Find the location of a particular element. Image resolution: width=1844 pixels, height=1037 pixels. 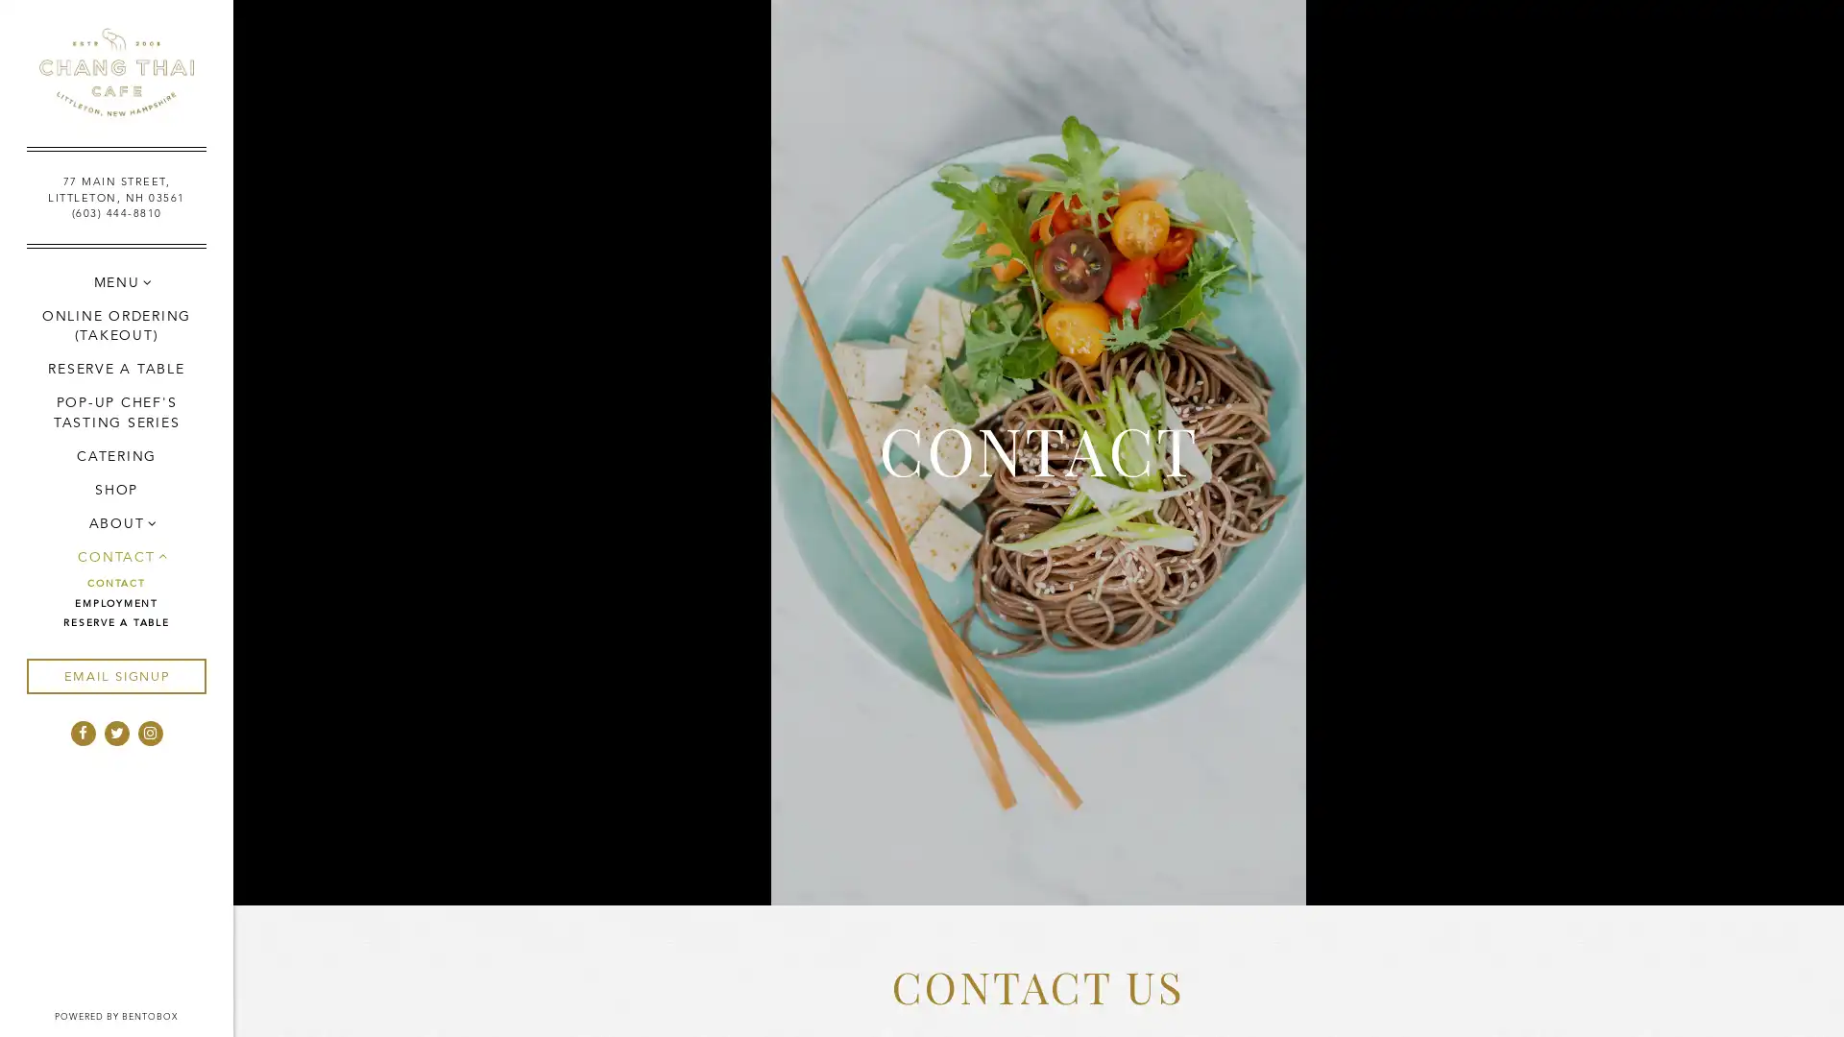

CONTACT is located at coordinates (114, 556).